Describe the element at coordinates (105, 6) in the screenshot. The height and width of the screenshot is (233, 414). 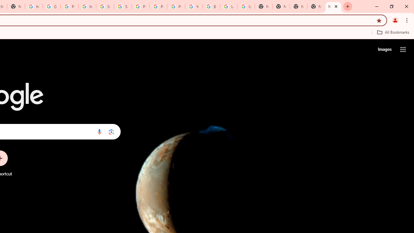
I see `'Sign in - Google Accounts'` at that location.